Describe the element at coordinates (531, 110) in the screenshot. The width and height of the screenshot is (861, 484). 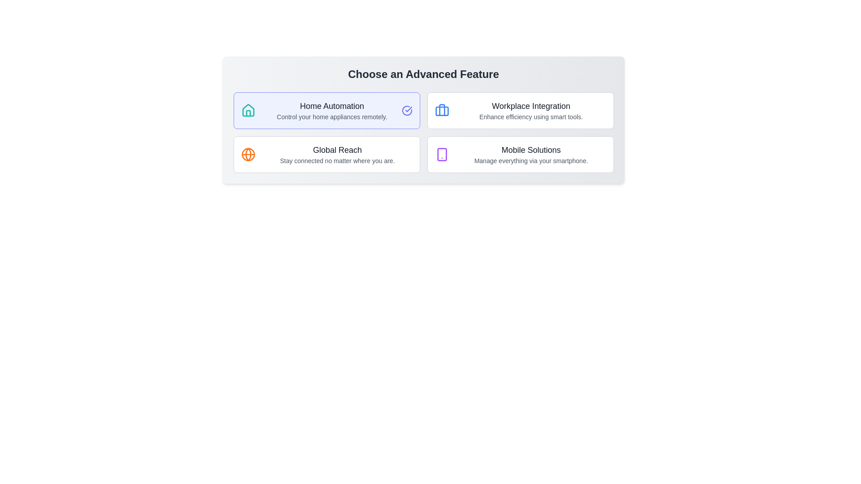
I see `the selectable card for 'Workplace Integration' in the grid of features` at that location.